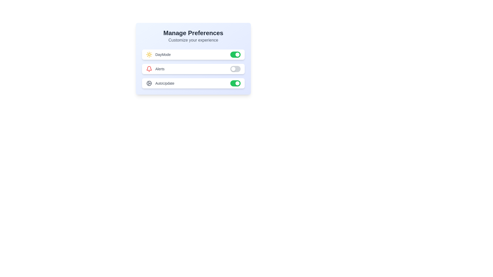 Image resolution: width=493 pixels, height=277 pixels. What do you see at coordinates (163, 54) in the screenshot?
I see `the 'DayMode' text label, which indicates the setting for the adjacent toggle switch in the 'Manage Preferences' section` at bounding box center [163, 54].